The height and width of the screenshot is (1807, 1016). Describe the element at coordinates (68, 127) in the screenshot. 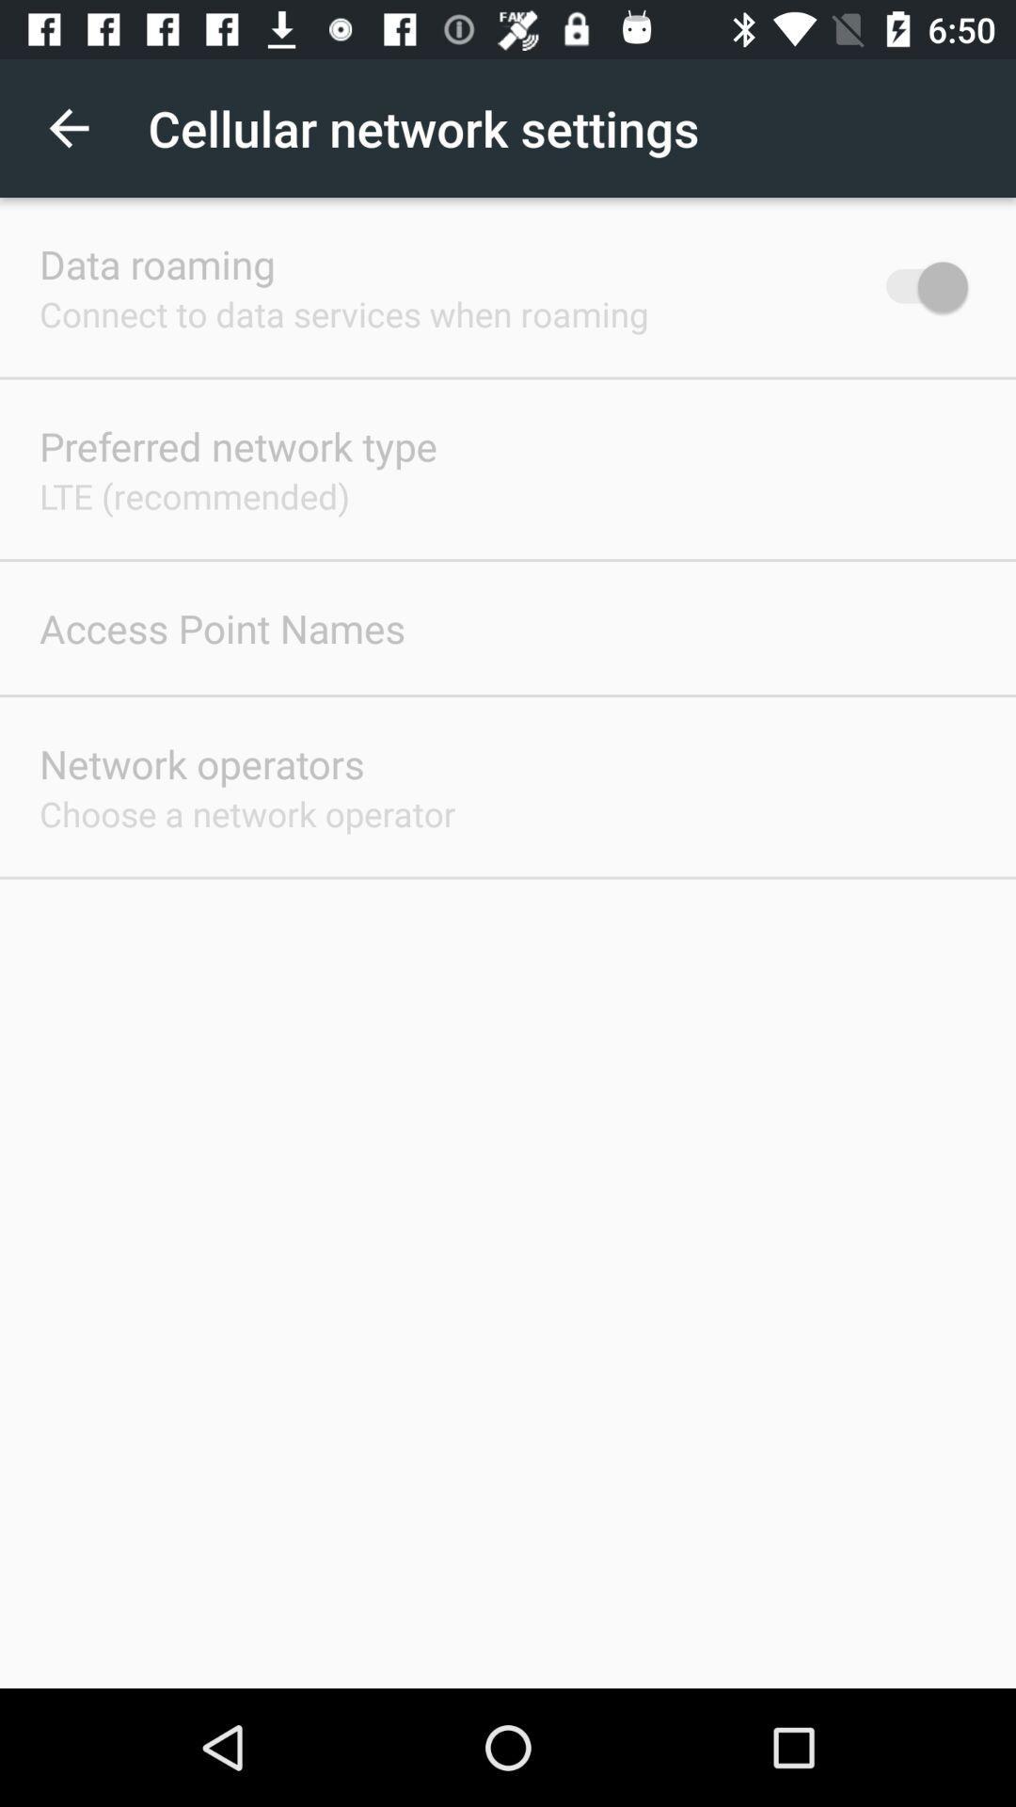

I see `the item to the left of cellular network settings item` at that location.